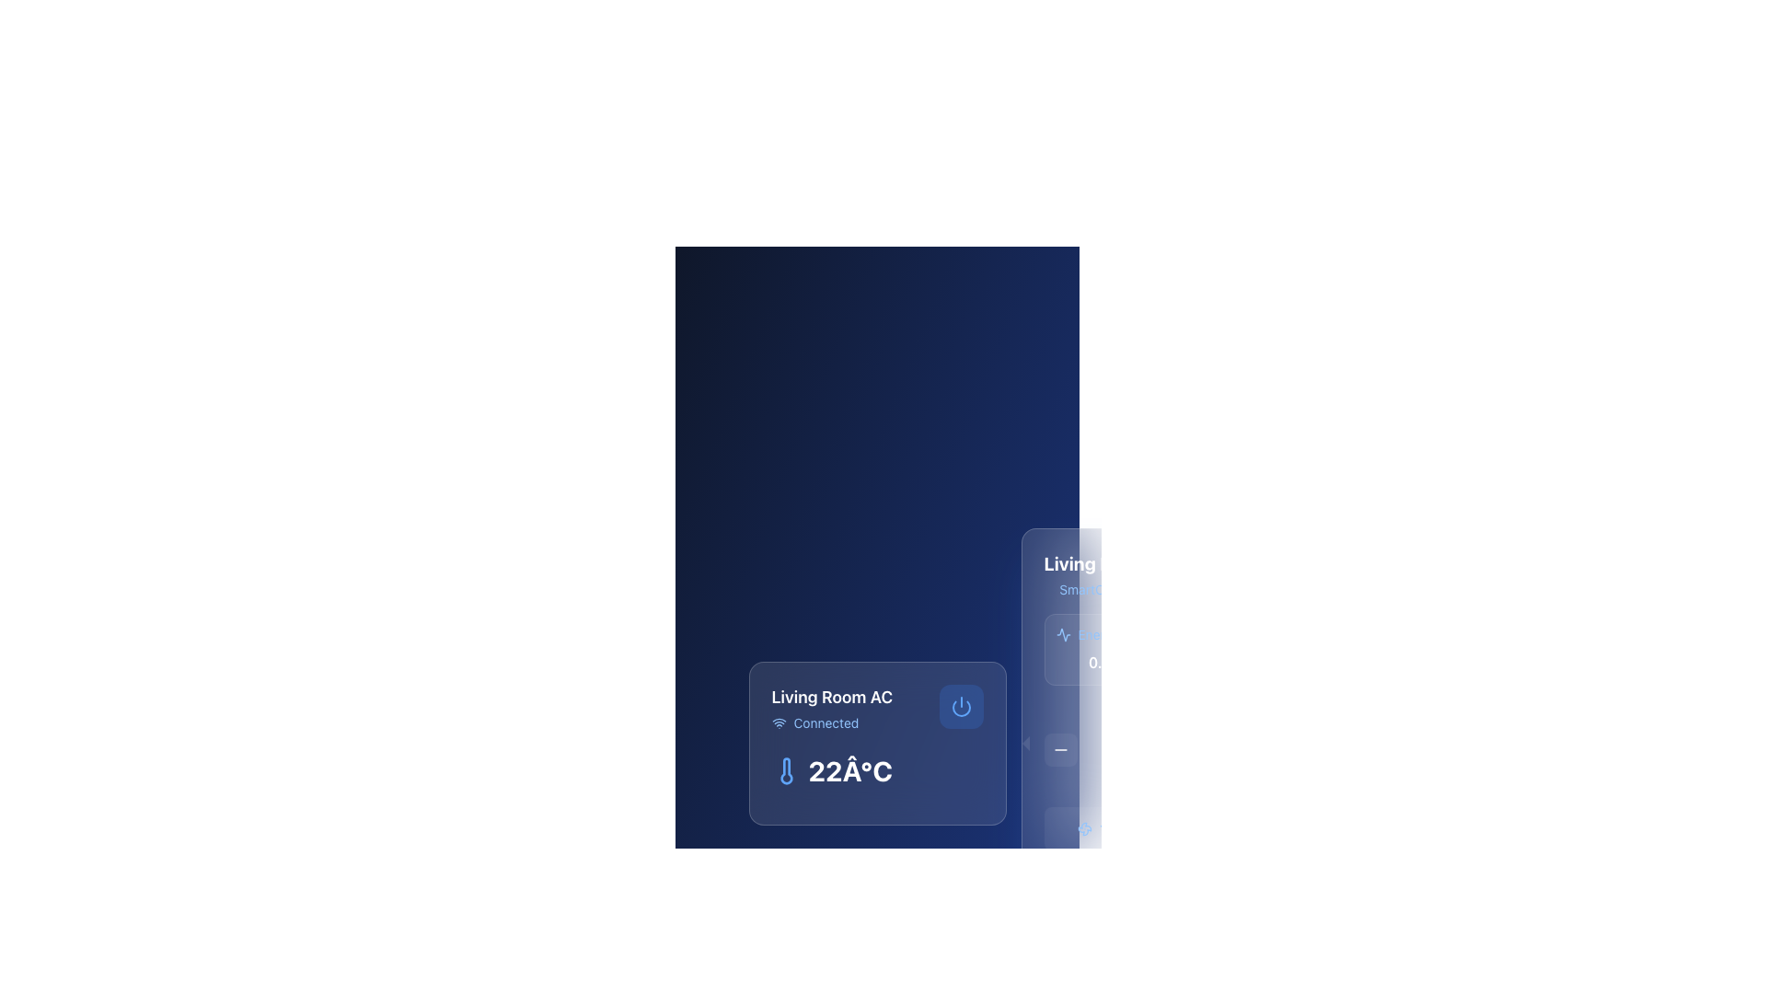  Describe the element at coordinates (960, 705) in the screenshot. I see `on the power icon button, which is a blue circular outline with a vertical line, located in the top-right corner of the 'Living Room AC' card` at that location.